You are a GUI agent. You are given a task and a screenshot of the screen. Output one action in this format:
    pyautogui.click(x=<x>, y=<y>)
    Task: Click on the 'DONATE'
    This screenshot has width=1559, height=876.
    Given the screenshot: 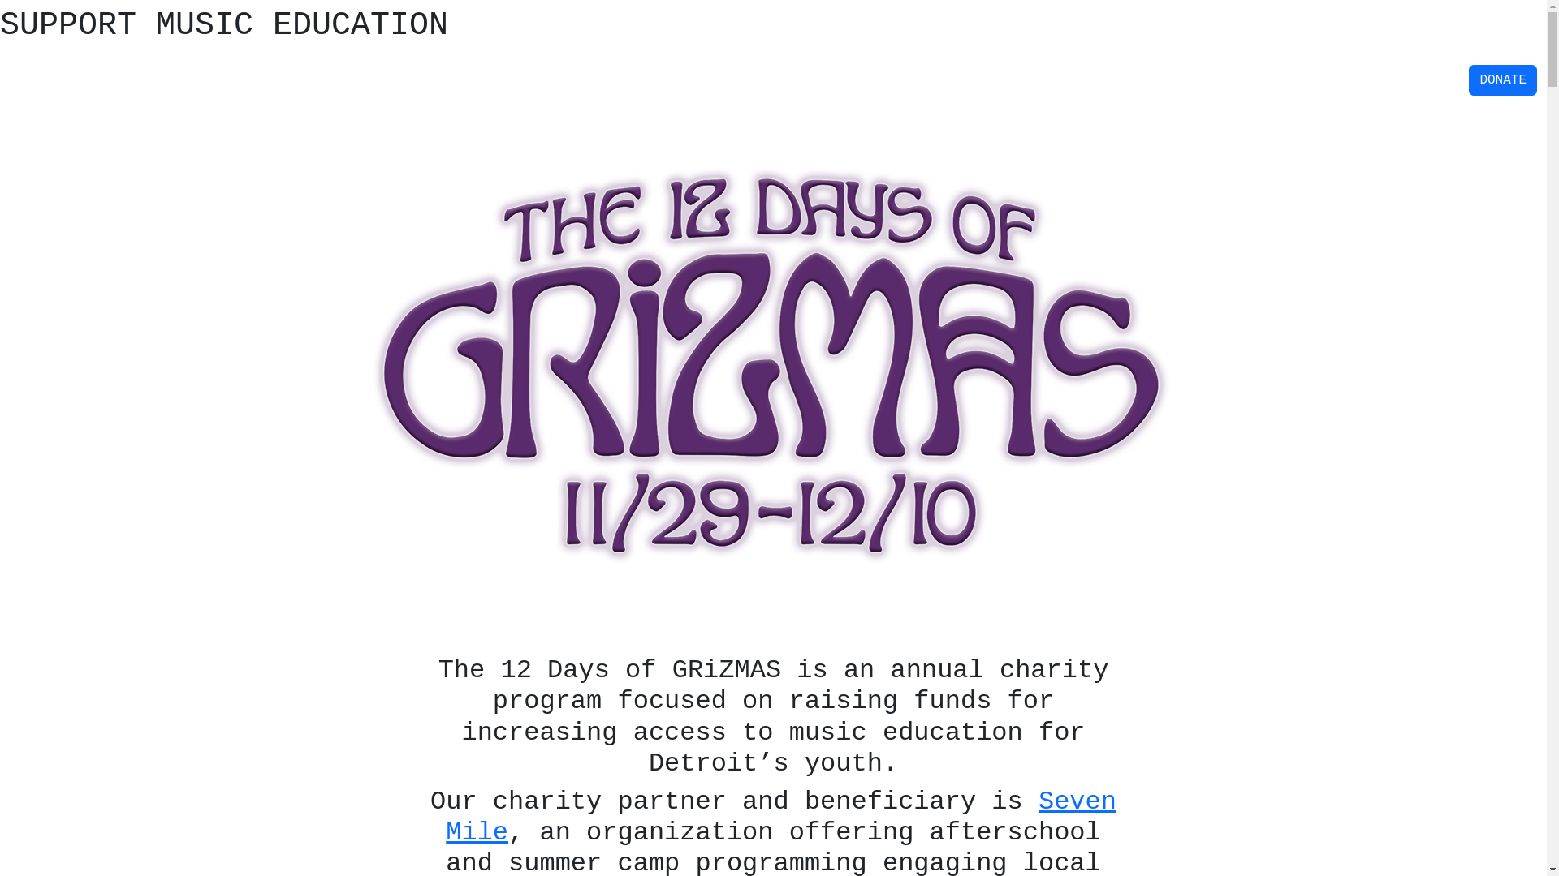 What is the action you would take?
    pyautogui.click(x=1502, y=80)
    